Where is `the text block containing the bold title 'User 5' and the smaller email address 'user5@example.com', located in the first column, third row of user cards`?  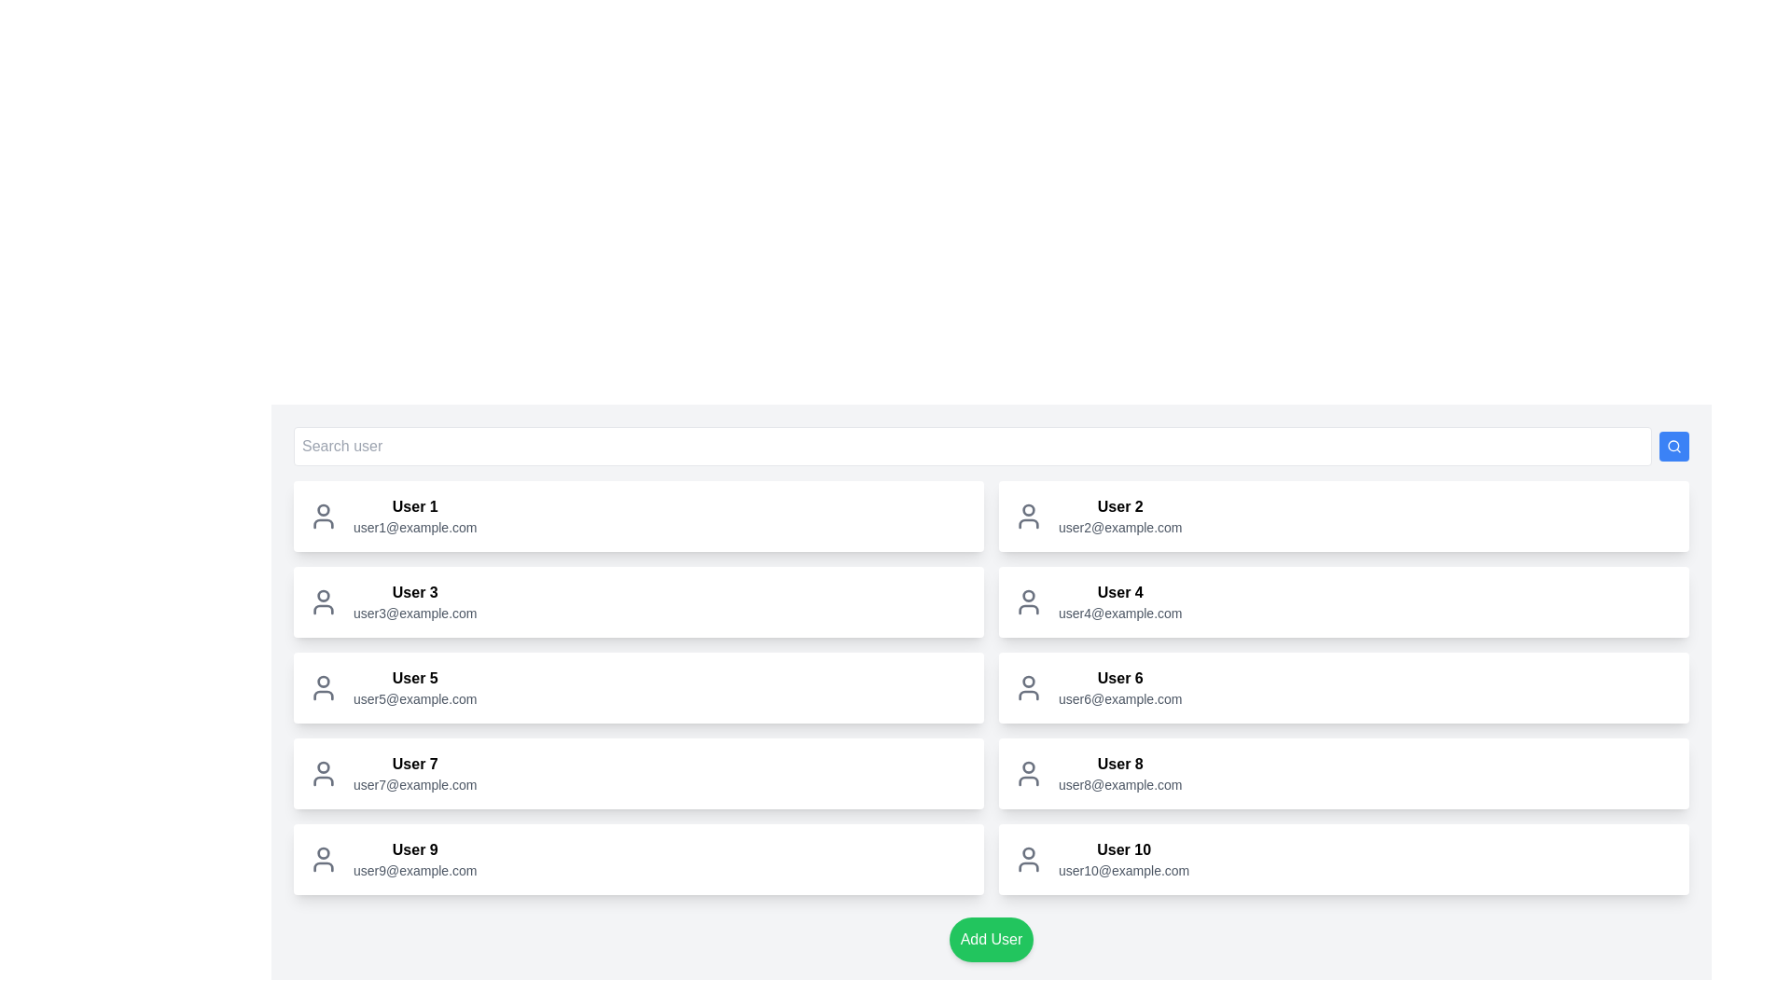 the text block containing the bold title 'User 5' and the smaller email address 'user5@example.com', located in the first column, third row of user cards is located at coordinates (414, 687).